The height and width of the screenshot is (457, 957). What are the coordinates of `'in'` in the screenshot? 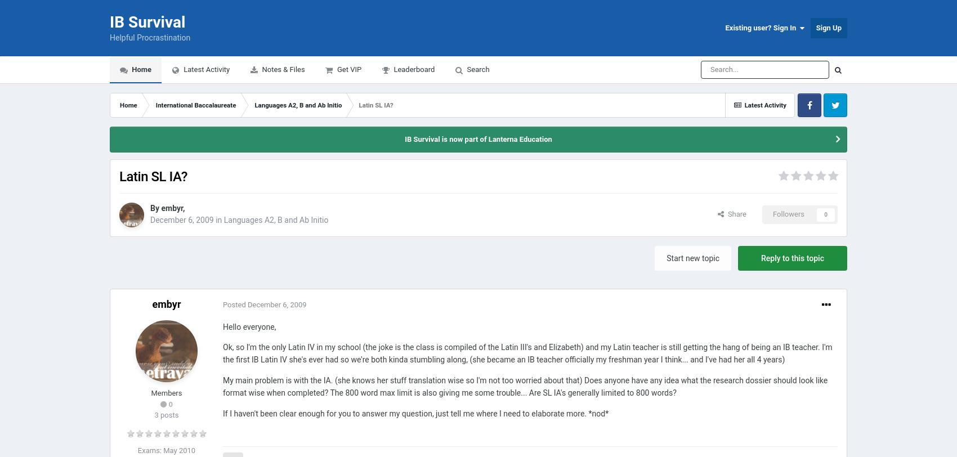 It's located at (217, 219).